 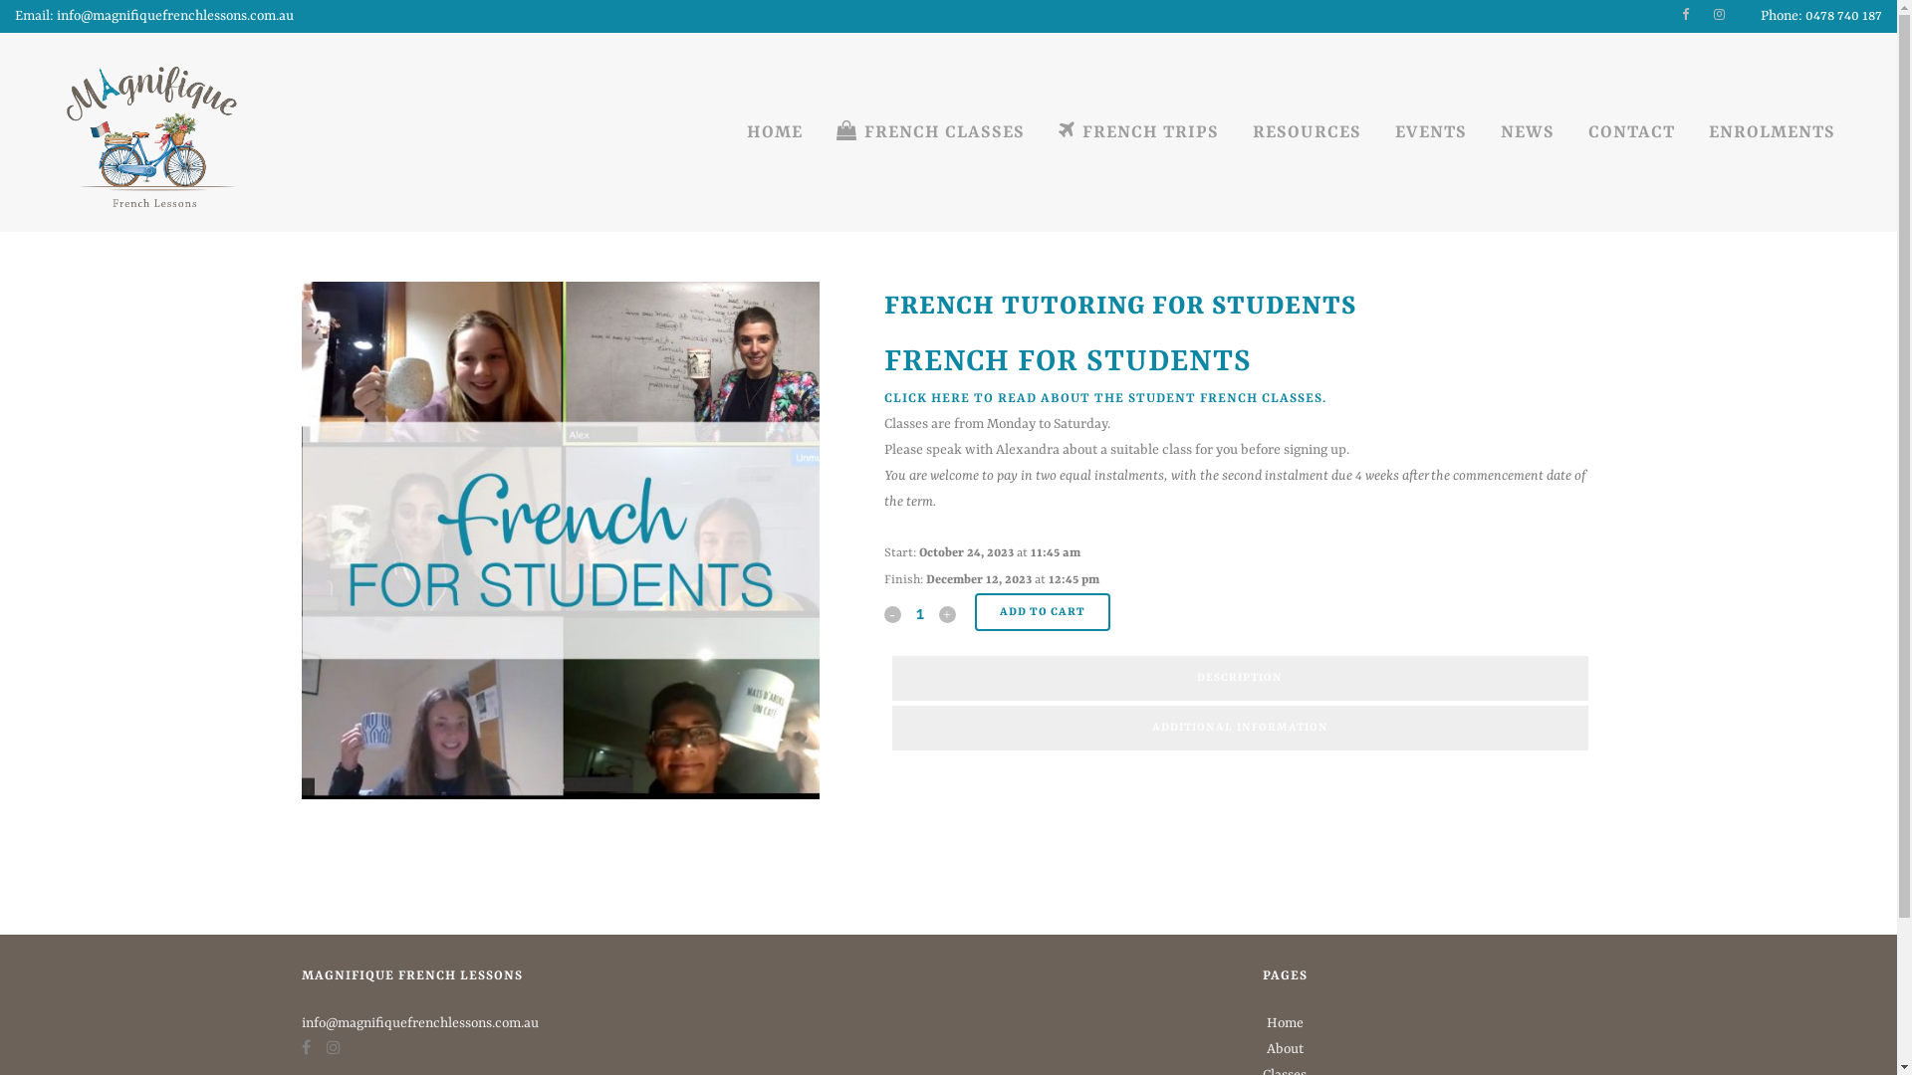 I want to click on 'EVENTS', so click(x=1429, y=131).